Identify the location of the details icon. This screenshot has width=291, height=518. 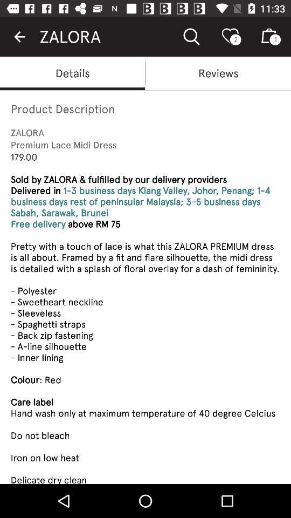
(72, 72).